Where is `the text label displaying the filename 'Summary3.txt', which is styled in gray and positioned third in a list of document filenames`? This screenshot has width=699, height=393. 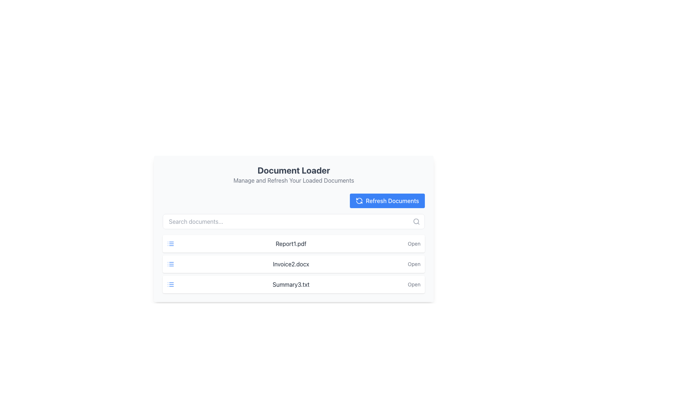 the text label displaying the filename 'Summary3.txt', which is styled in gray and positioned third in a list of document filenames is located at coordinates (291, 284).